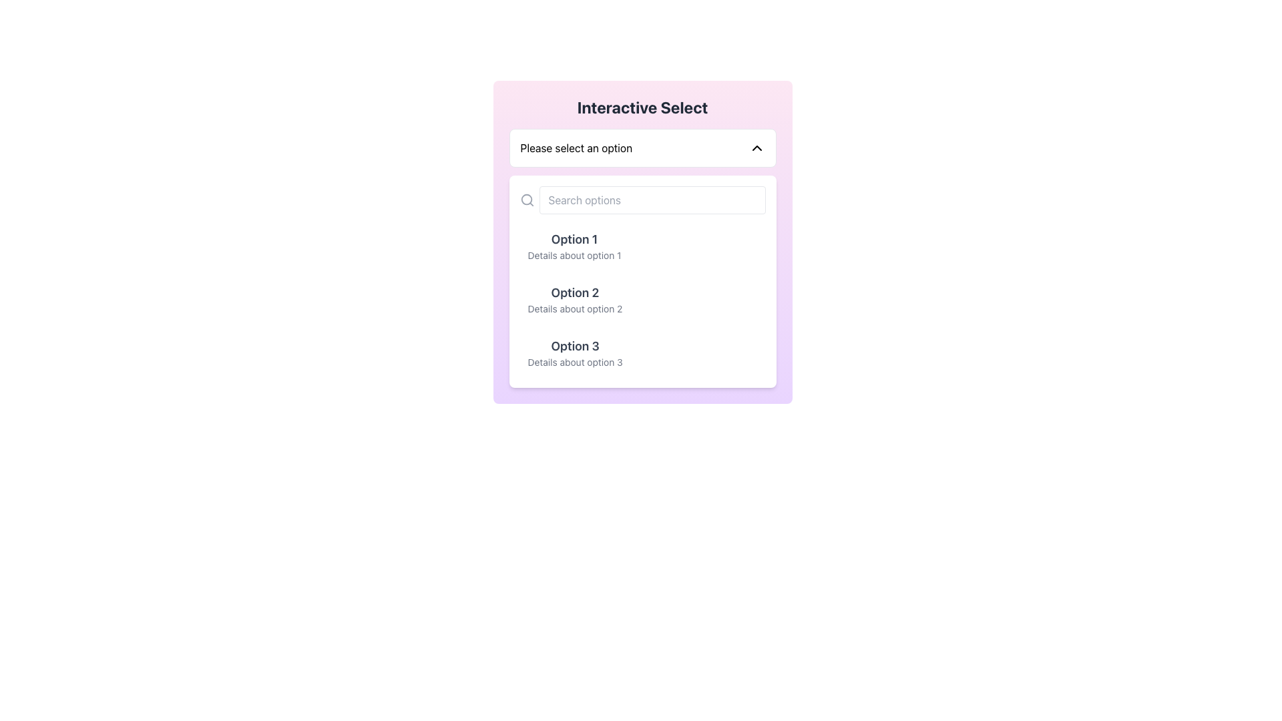 Image resolution: width=1282 pixels, height=721 pixels. What do you see at coordinates (576, 148) in the screenshot?
I see `the text label reading 'Please select an option', which is located at the top portion of the dropdown component beneath the heading 'Interactive Select'` at bounding box center [576, 148].